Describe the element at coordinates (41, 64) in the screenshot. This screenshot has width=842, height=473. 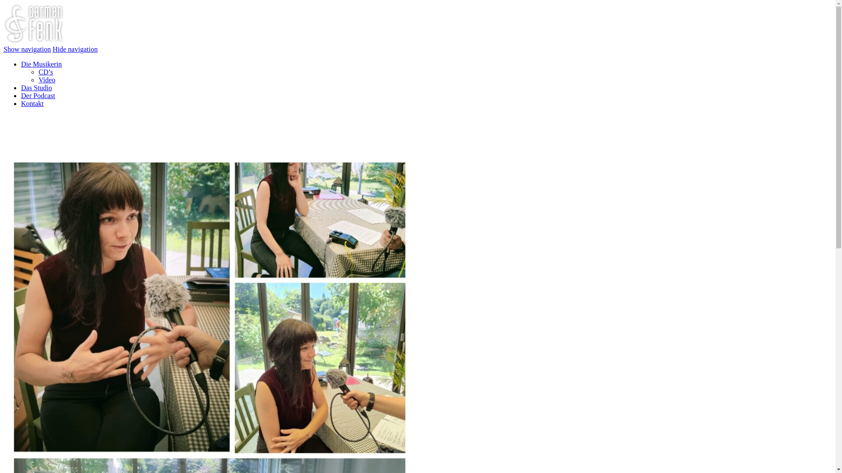
I see `'Die Musikerin'` at that location.